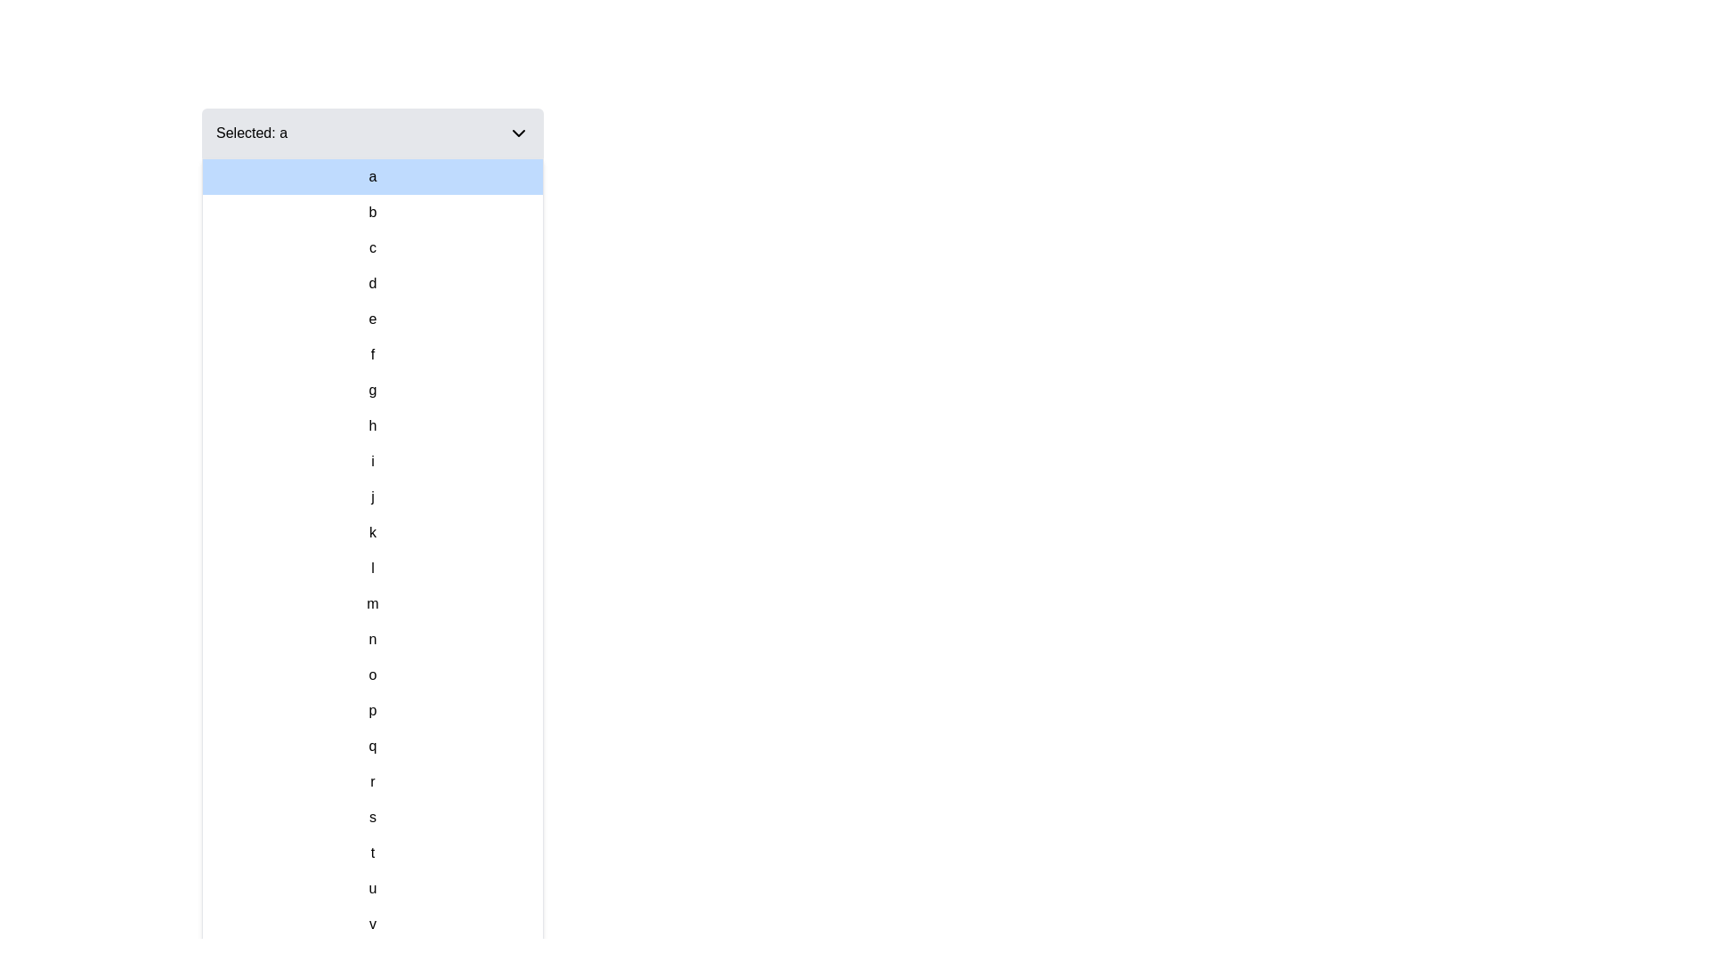 Image resolution: width=1709 pixels, height=961 pixels. What do you see at coordinates (251, 133) in the screenshot?
I see `the static text label displaying 'Selected: a', which is styled in black on a light gray background and located in the top-left region of the dropdown interface` at bounding box center [251, 133].